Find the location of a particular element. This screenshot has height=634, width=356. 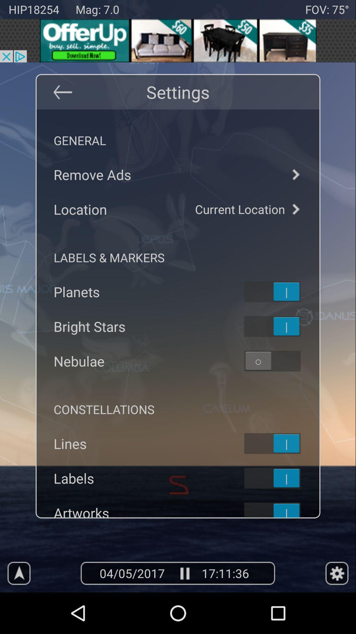

nebulae toggle option is located at coordinates (281, 361).